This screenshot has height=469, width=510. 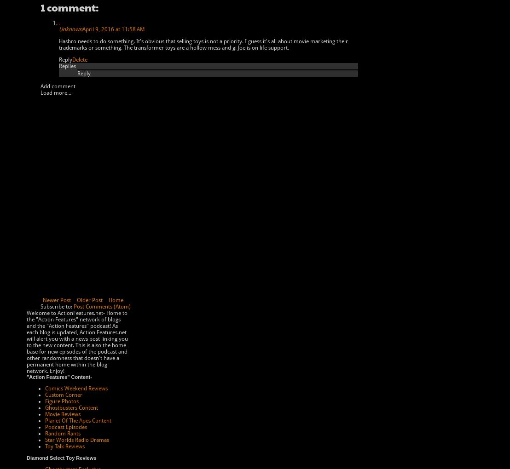 What do you see at coordinates (64, 446) in the screenshot?
I see `'Toy Talk Reviews'` at bounding box center [64, 446].